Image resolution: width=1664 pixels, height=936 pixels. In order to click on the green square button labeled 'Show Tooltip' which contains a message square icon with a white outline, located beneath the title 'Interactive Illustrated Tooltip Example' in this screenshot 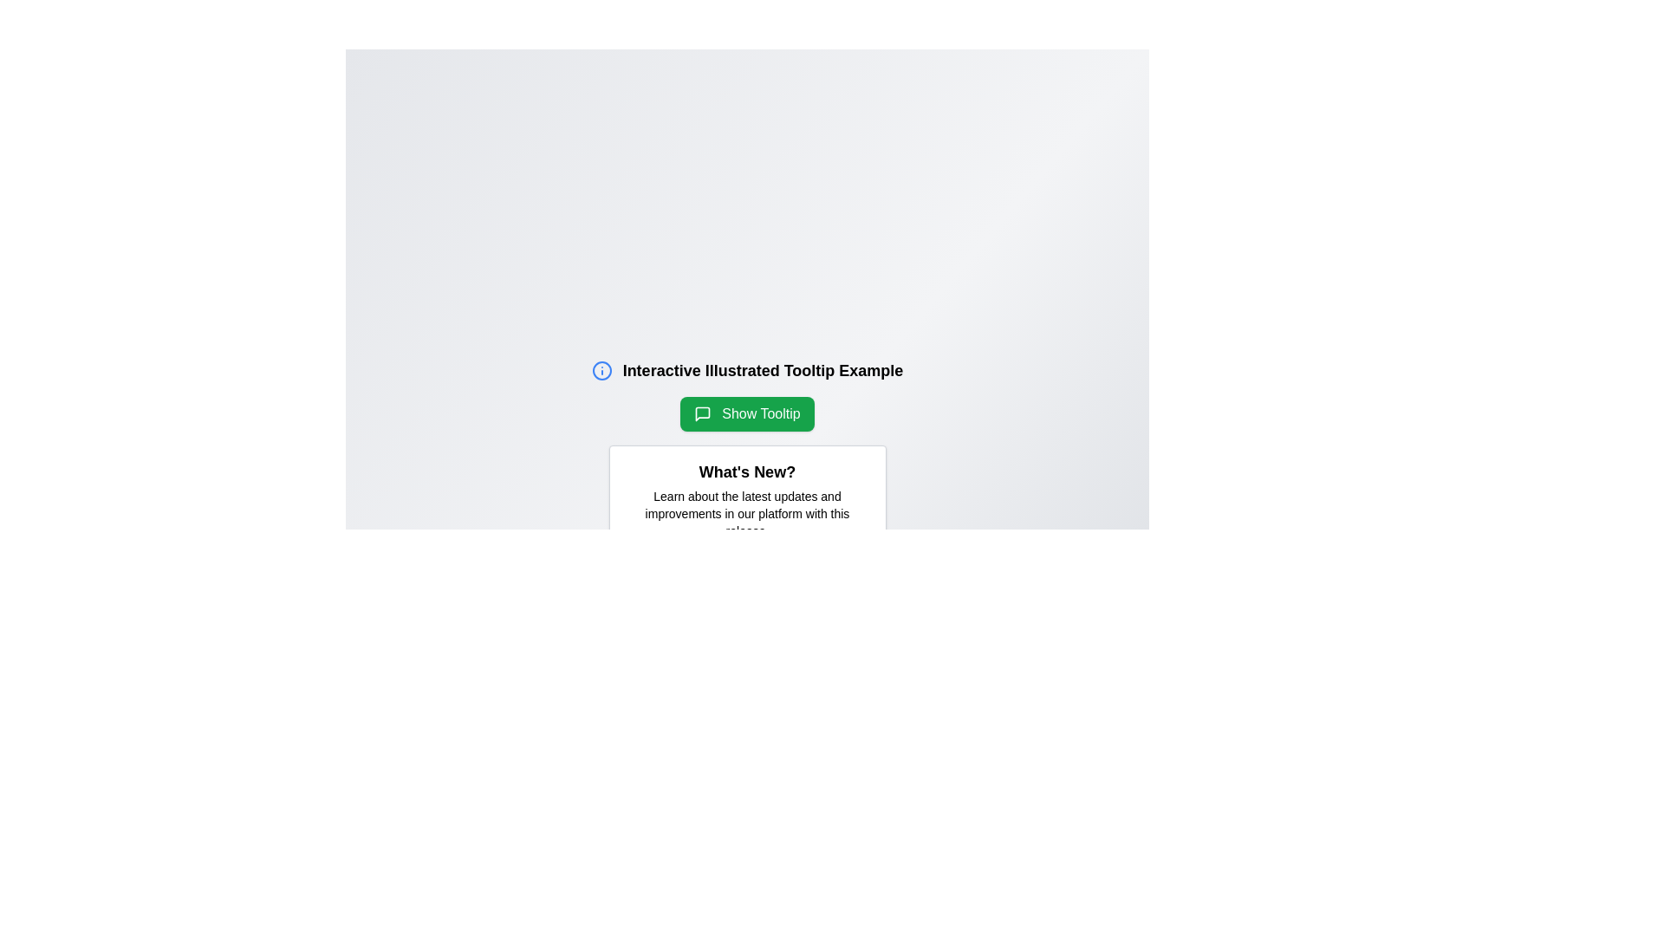, I will do `click(703, 414)`.